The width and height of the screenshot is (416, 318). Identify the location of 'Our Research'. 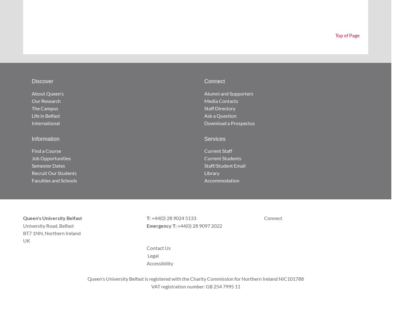
(46, 100).